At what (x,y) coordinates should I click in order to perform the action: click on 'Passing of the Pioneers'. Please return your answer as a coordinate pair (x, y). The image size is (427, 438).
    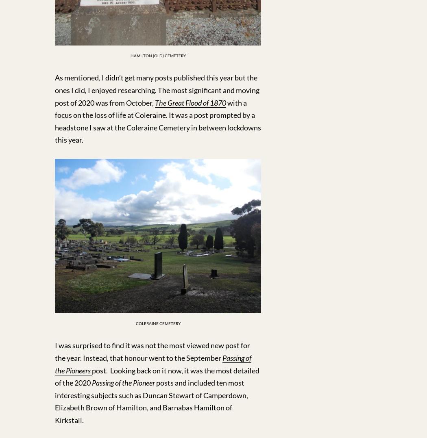
    Looking at the image, I should click on (153, 364).